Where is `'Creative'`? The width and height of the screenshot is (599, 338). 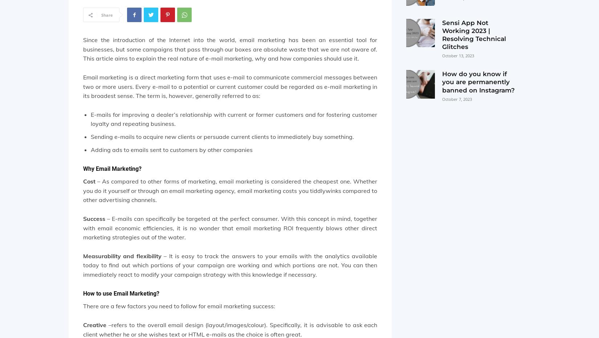 'Creative' is located at coordinates (95, 325).